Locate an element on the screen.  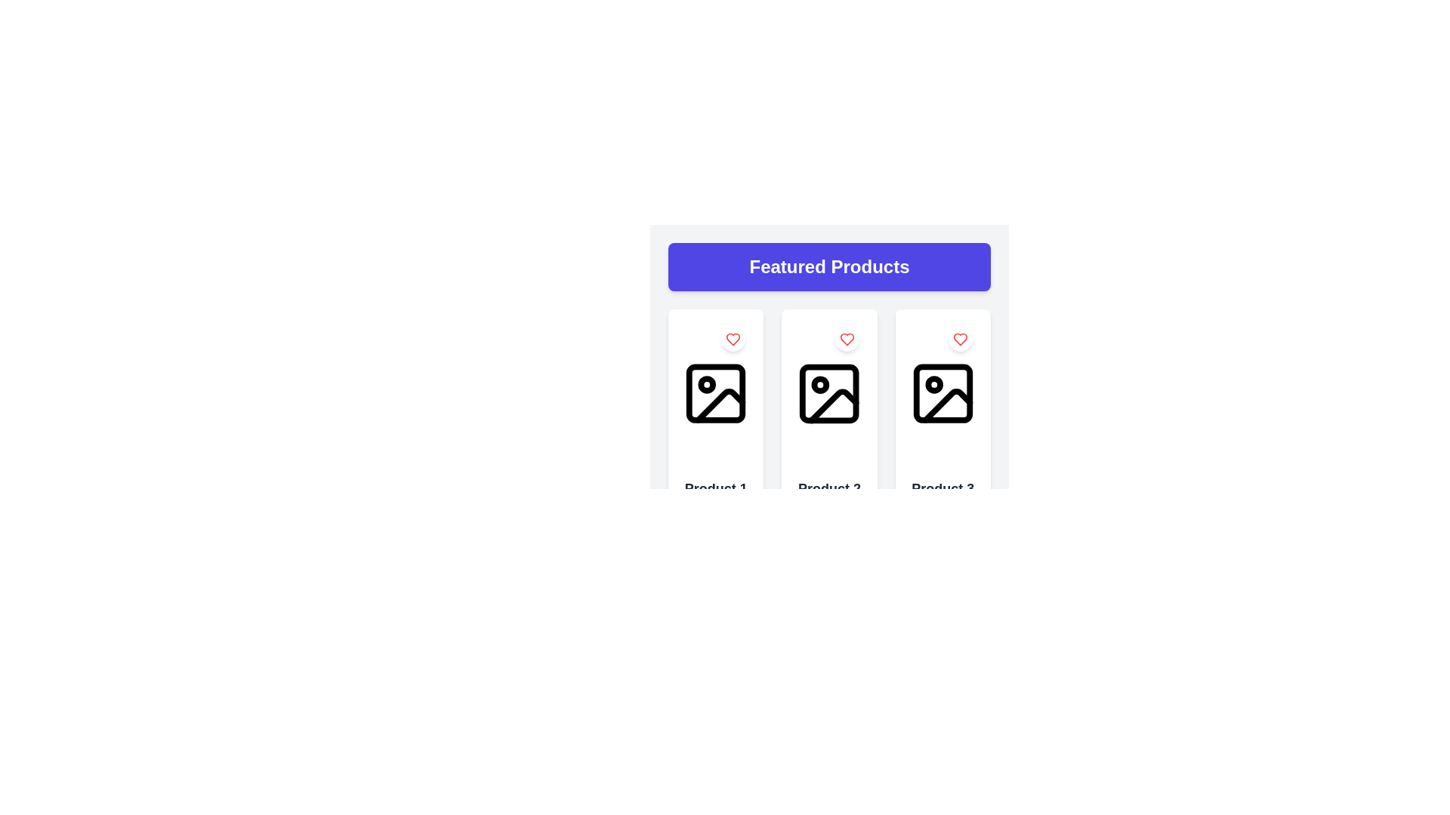
the 'like' button located at the top-right corner of the 'Product 3' card in the 'Featured Products' section to mark it as a favorite is located at coordinates (960, 340).